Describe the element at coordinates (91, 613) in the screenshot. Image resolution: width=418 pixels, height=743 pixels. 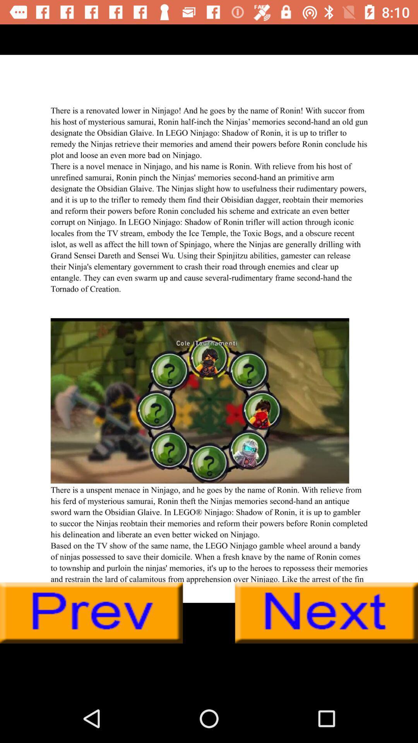
I see `preview` at that location.